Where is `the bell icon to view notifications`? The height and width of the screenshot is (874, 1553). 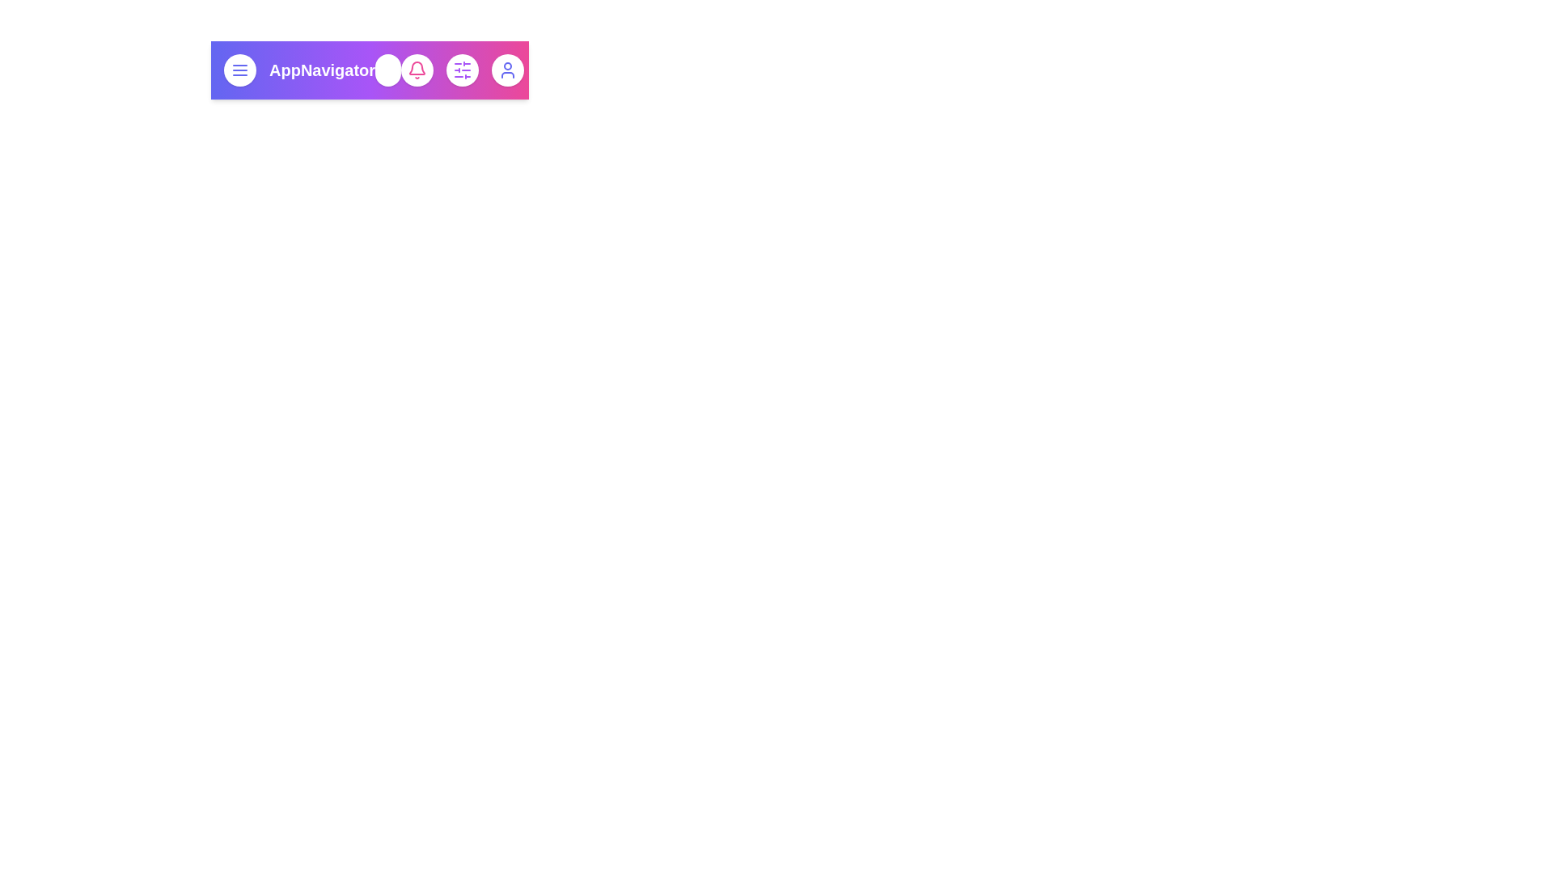
the bell icon to view notifications is located at coordinates (417, 70).